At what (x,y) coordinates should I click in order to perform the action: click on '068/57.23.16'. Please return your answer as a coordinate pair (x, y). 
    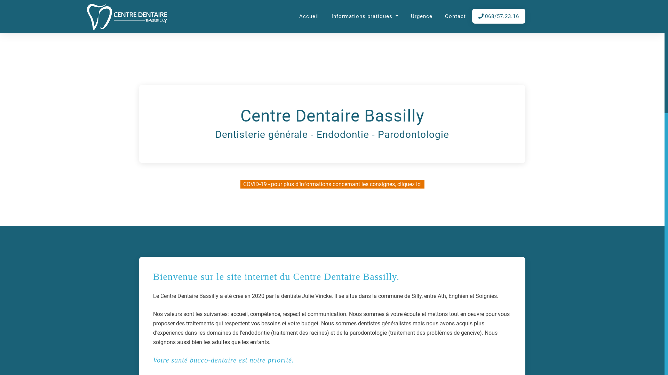
    Looking at the image, I should click on (498, 16).